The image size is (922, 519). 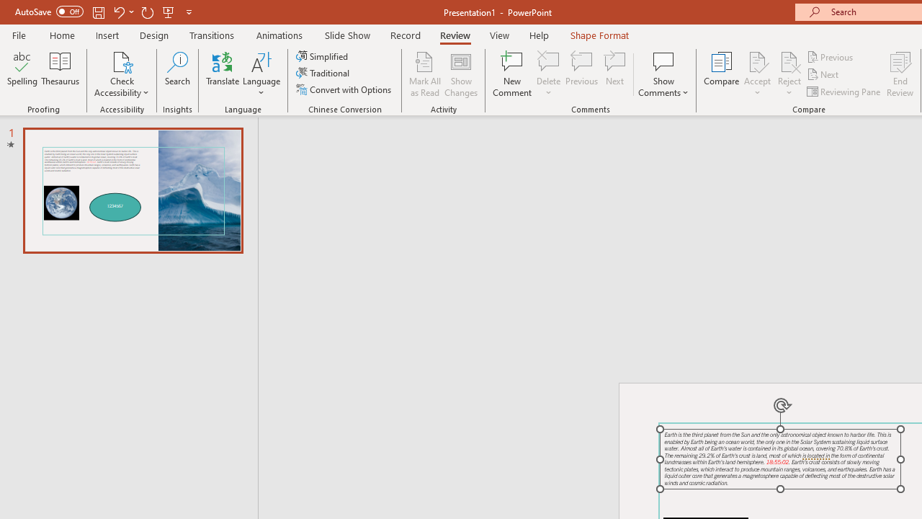 What do you see at coordinates (461, 74) in the screenshot?
I see `'Show Changes'` at bounding box center [461, 74].